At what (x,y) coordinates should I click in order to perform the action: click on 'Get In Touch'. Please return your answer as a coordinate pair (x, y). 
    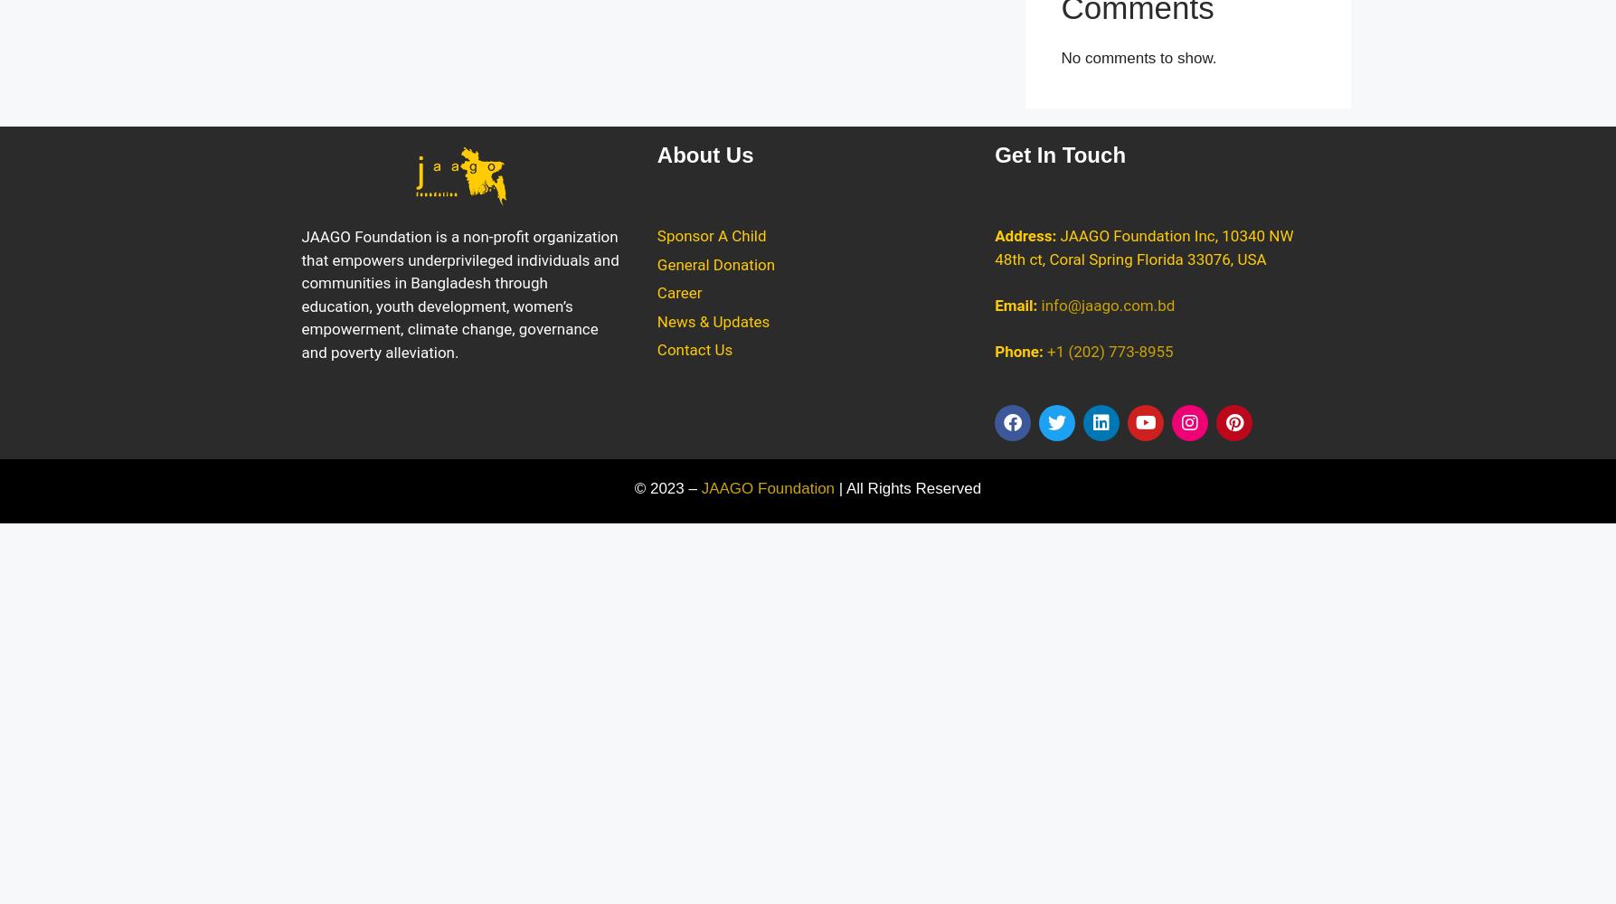
    Looking at the image, I should click on (1060, 155).